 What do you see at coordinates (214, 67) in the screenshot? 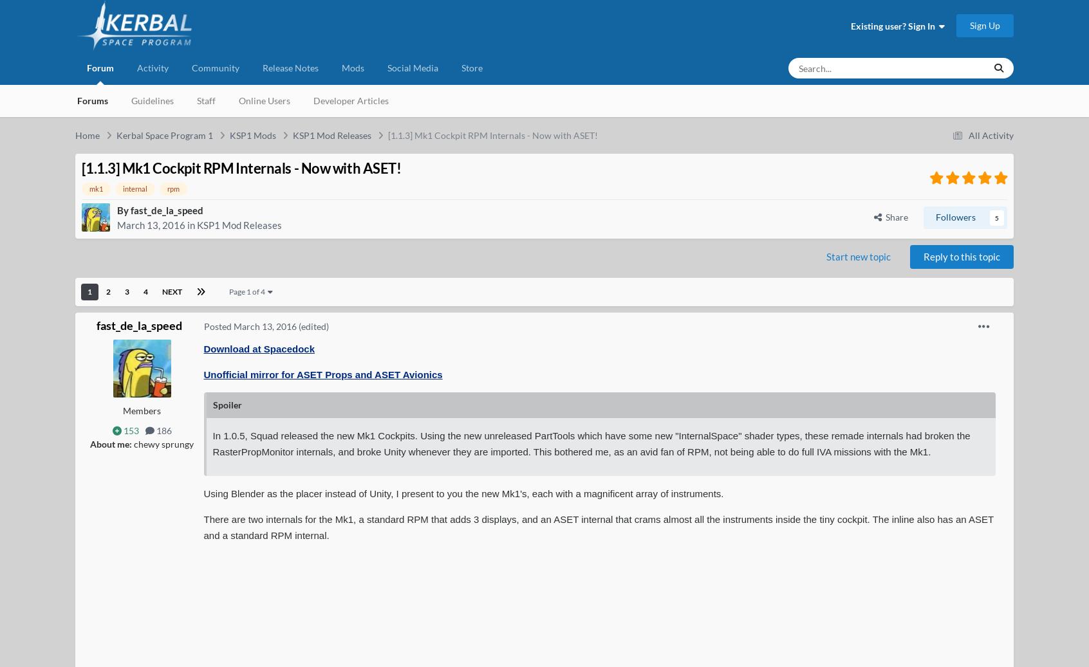
I see `'Community'` at bounding box center [214, 67].